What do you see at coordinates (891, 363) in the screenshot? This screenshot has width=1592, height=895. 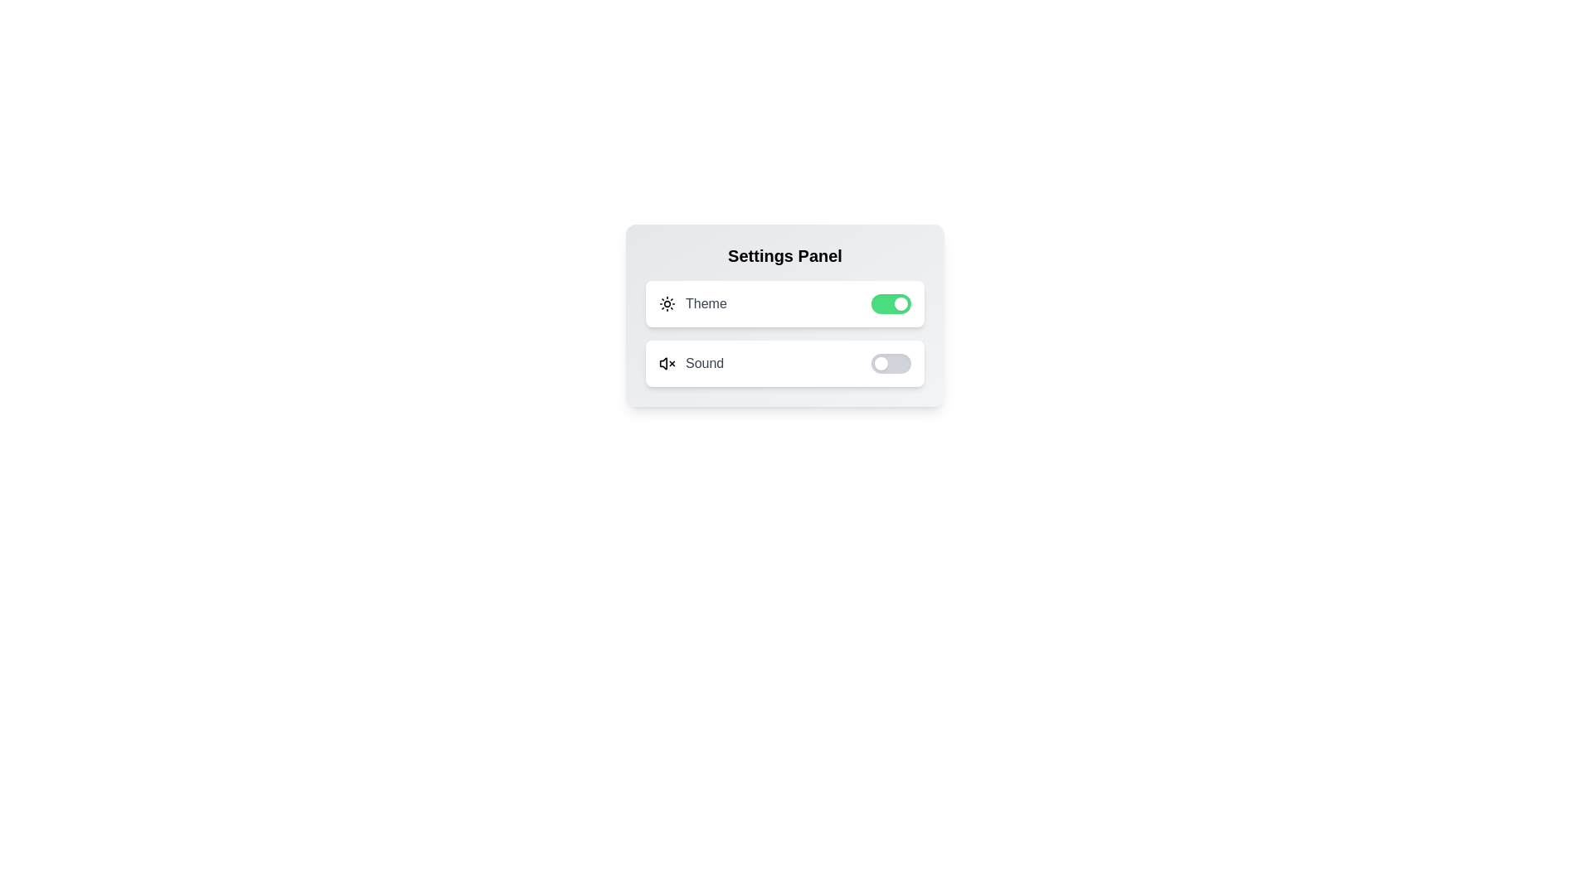 I see `the 'Sound' toggle switch to change its state` at bounding box center [891, 363].